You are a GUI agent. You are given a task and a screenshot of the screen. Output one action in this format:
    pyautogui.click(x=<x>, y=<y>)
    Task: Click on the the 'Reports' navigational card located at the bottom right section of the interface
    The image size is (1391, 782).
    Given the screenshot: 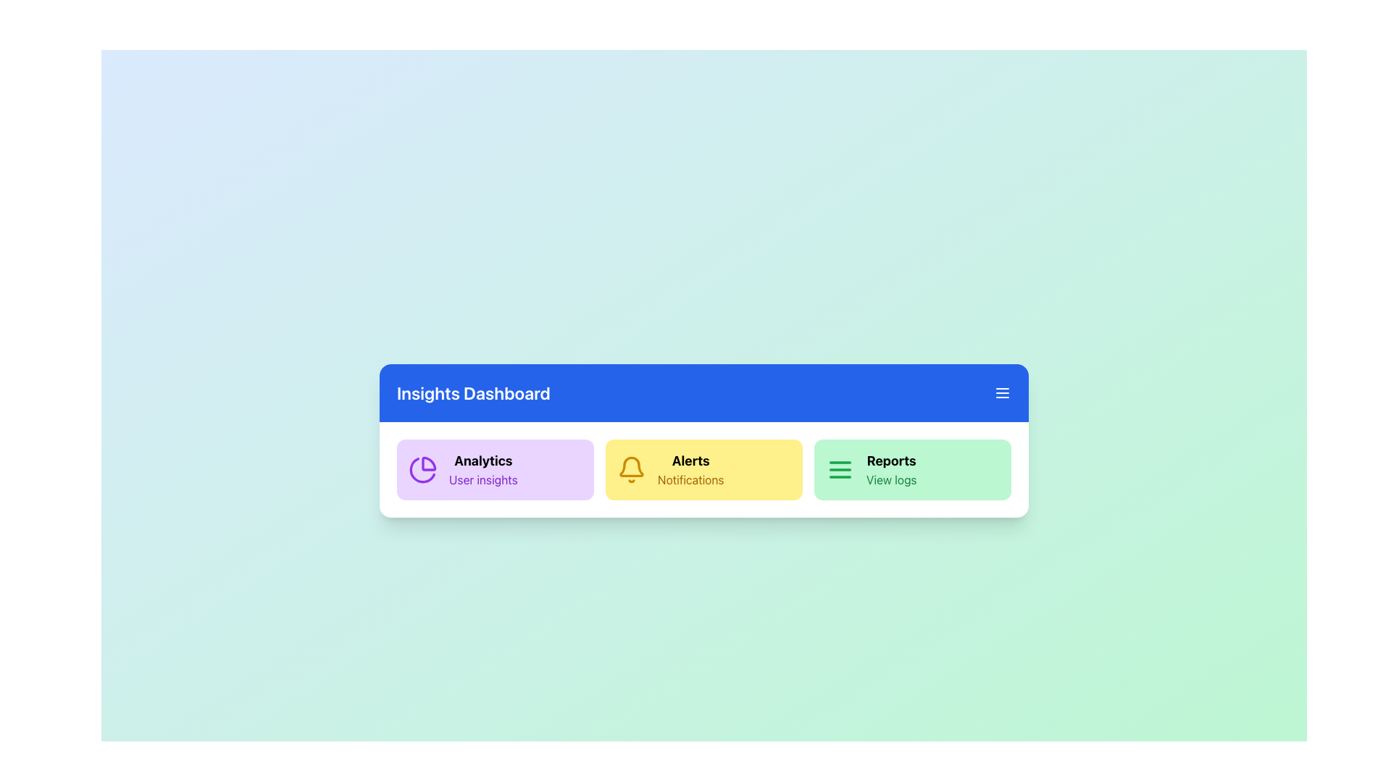 What is the action you would take?
    pyautogui.click(x=911, y=469)
    